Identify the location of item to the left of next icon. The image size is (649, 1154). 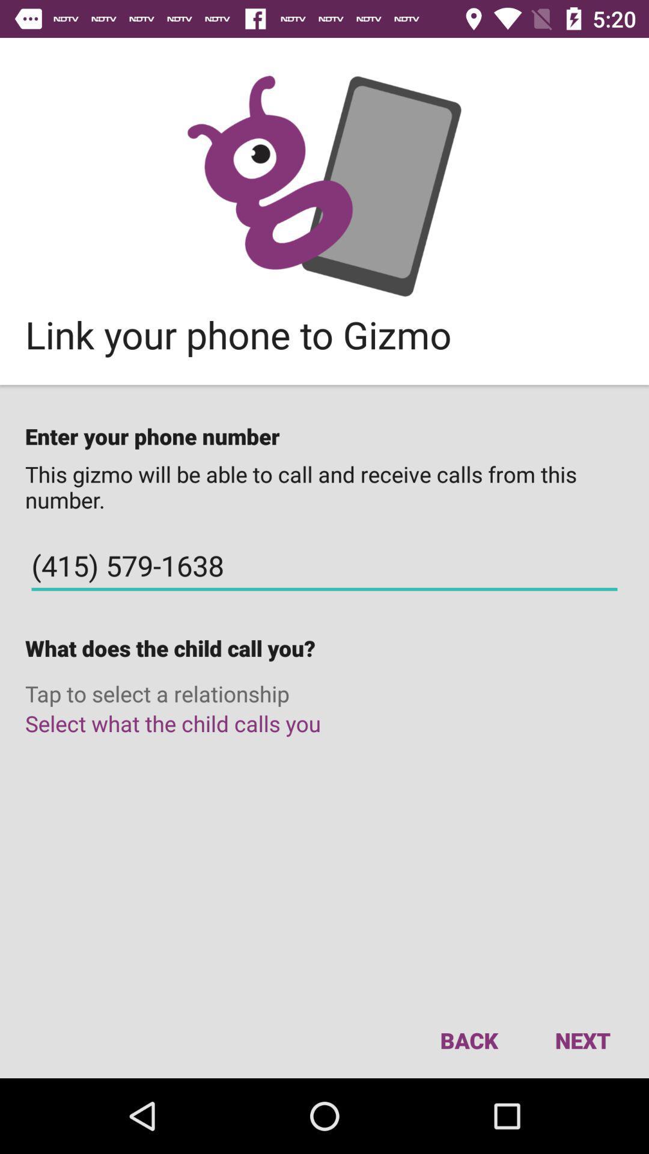
(468, 1040).